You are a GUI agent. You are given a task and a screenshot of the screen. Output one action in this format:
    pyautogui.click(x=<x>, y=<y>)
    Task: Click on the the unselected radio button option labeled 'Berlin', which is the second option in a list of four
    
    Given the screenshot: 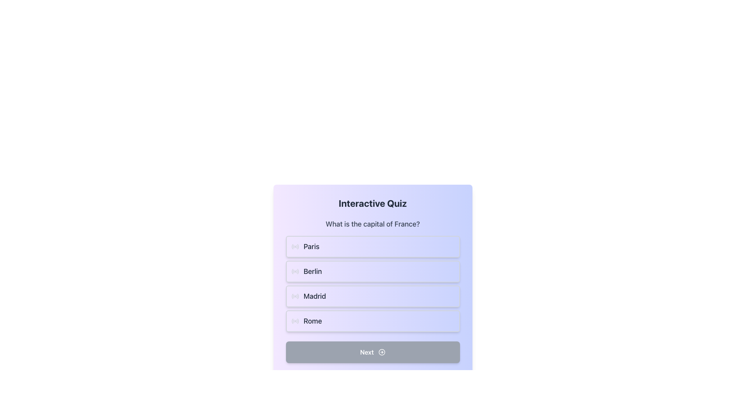 What is the action you would take?
    pyautogui.click(x=372, y=271)
    